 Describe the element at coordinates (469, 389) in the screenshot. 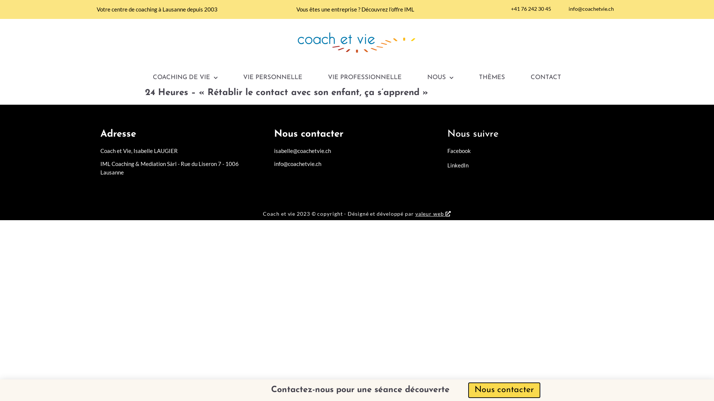

I see `'Nous contacter'` at that location.